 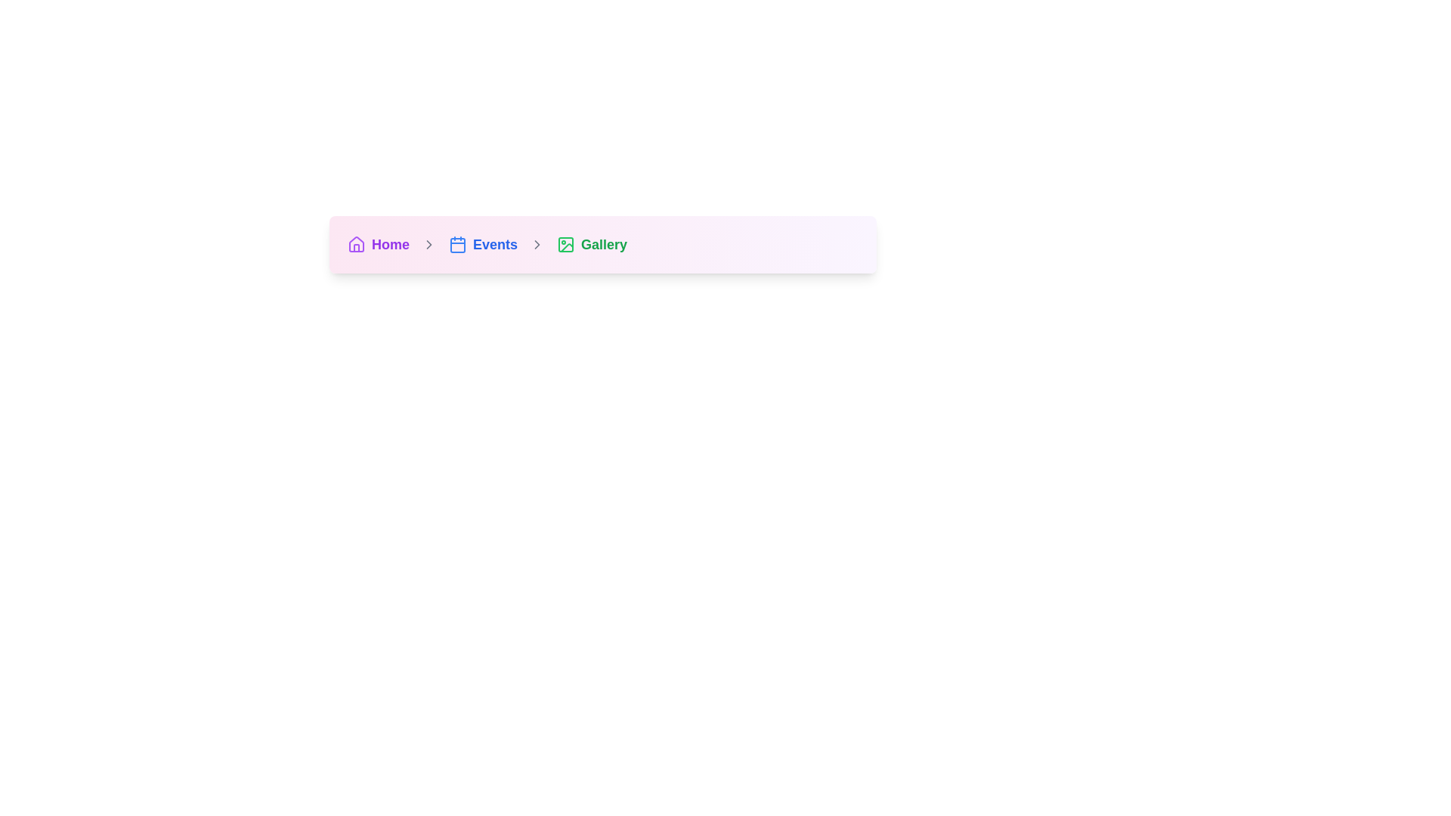 I want to click on the 'Gallery' navigation link in the breadcrumb navigation, so click(x=591, y=244).